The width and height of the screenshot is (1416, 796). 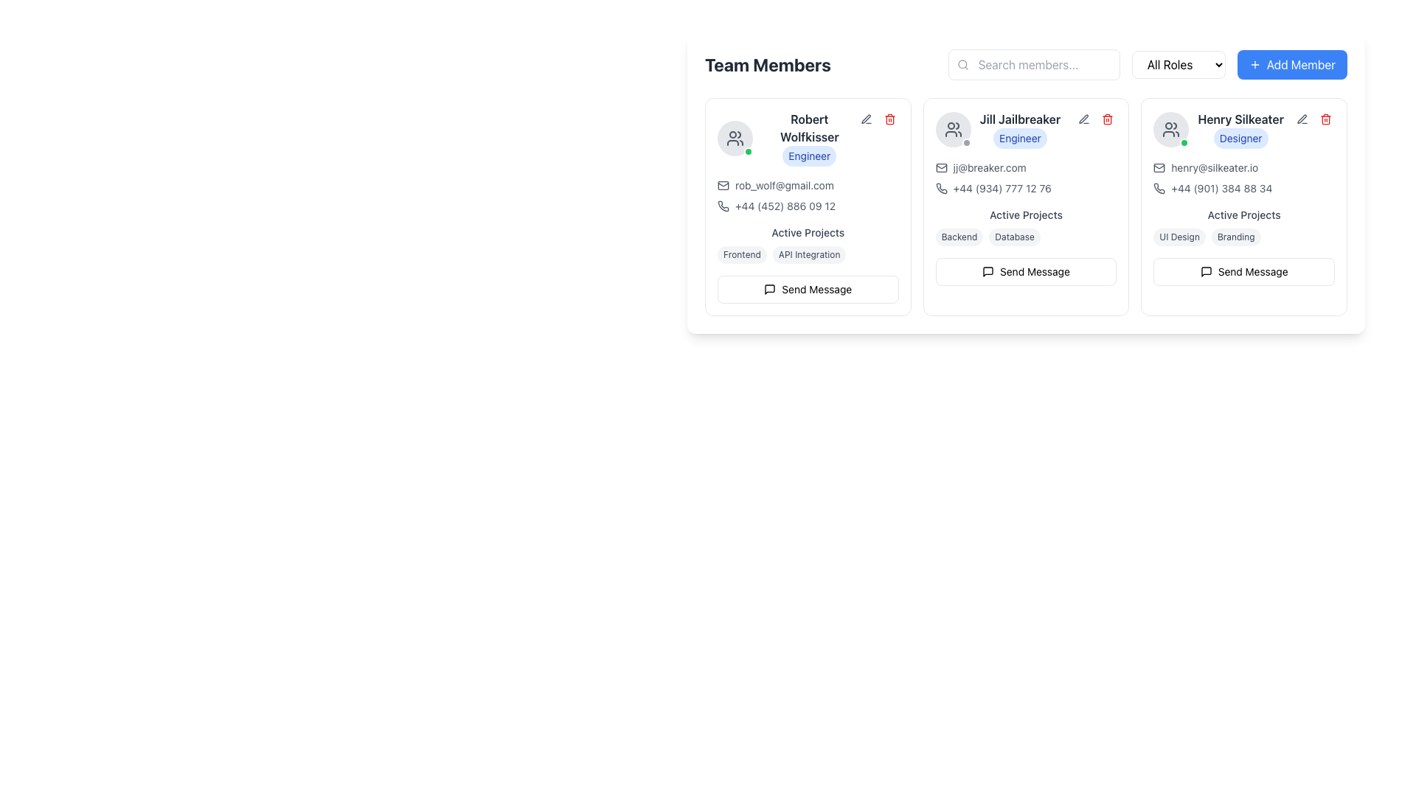 I want to click on the avatar icon representing the user 'Robert Wolfkisser', which is located at the center of the circular area at the top-left of the user card in the 'Team Members' section, so click(x=953, y=129).